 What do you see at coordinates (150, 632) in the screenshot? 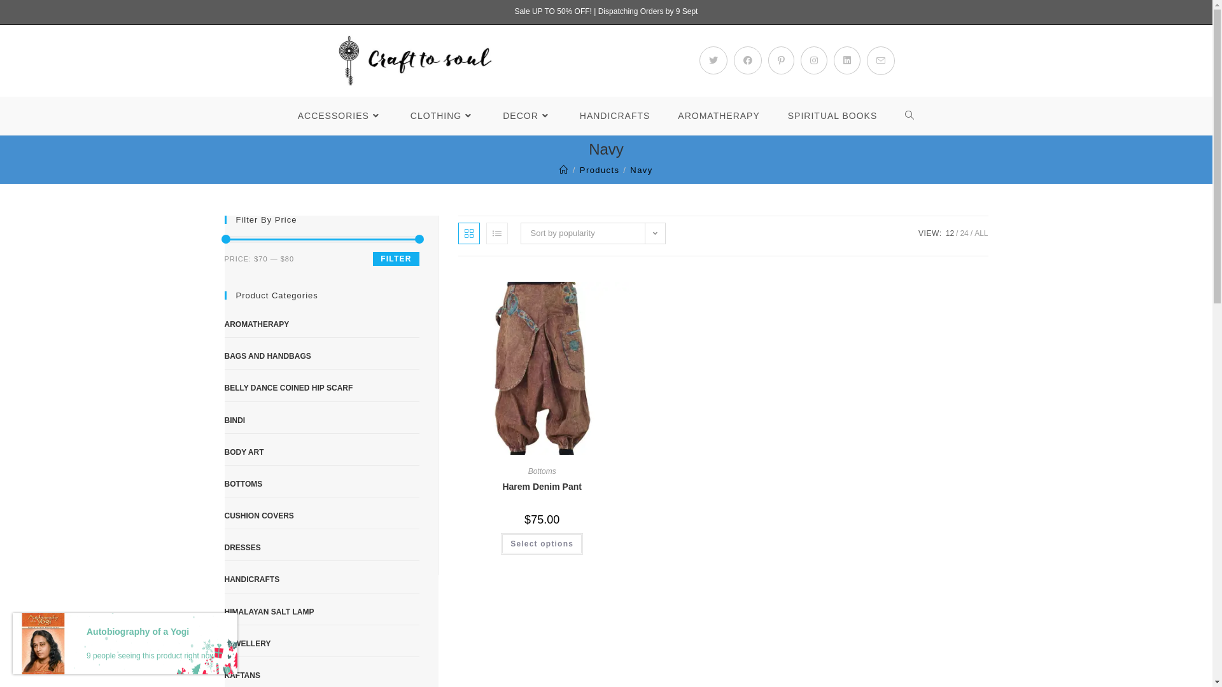
I see `'Autobiography of a Yogi'` at bounding box center [150, 632].